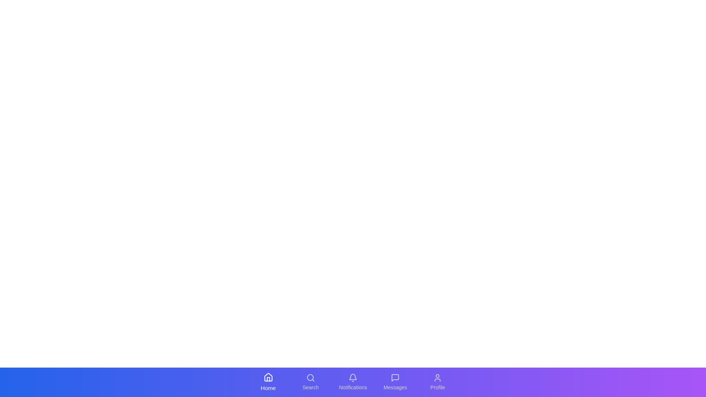  What do you see at coordinates (395, 382) in the screenshot?
I see `the Messages navigation icon to navigate to the corresponding section` at bounding box center [395, 382].